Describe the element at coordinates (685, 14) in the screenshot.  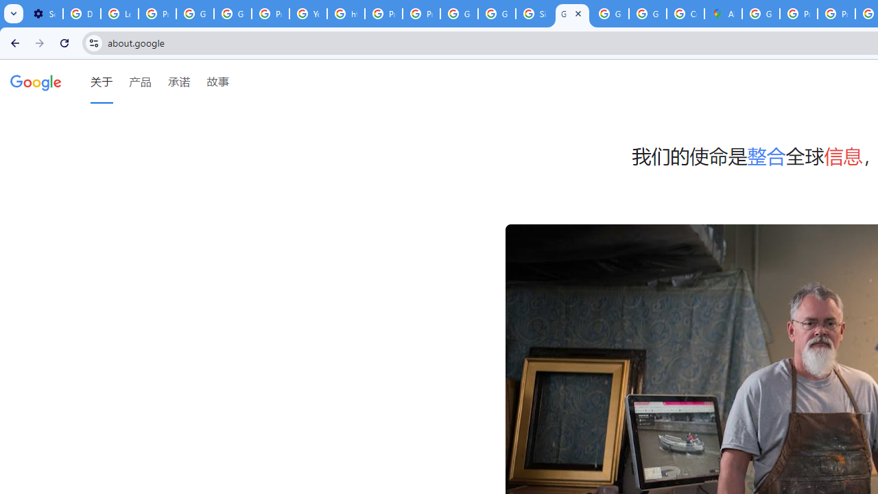
I see `'Create your Google Account'` at that location.